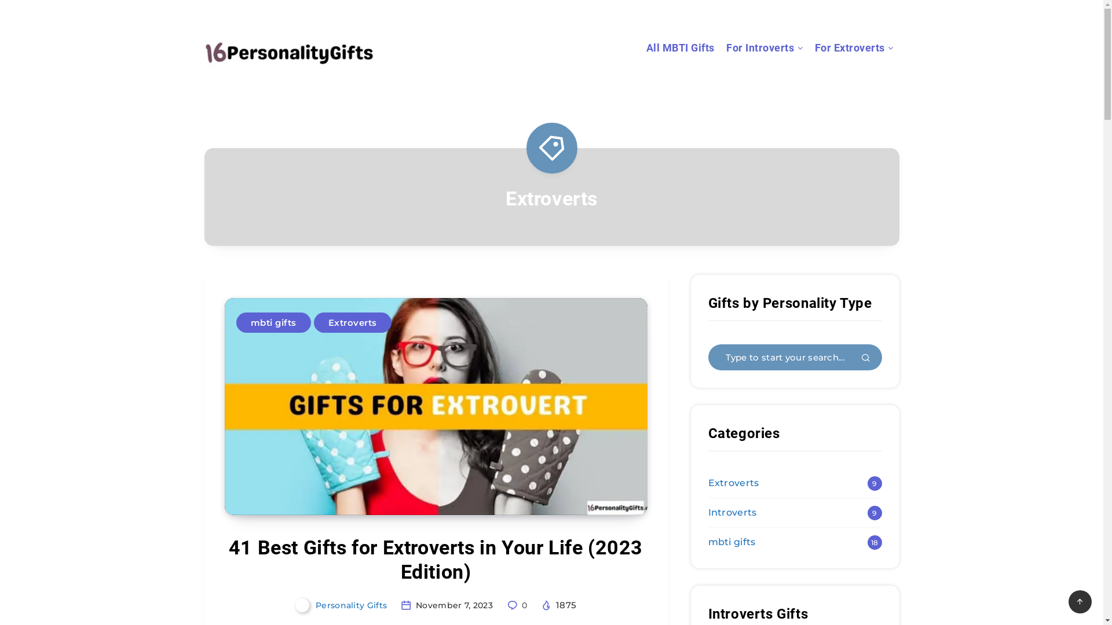  What do you see at coordinates (681, 49) in the screenshot?
I see `'All MBTI Gifts'` at bounding box center [681, 49].